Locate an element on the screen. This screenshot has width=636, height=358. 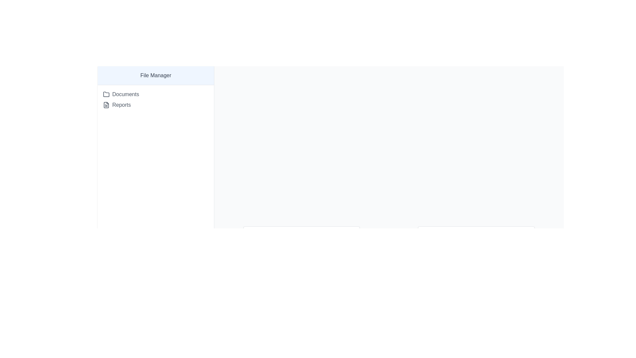
the first list item labeled 'Documents' in the file manager interface is located at coordinates (155, 94).